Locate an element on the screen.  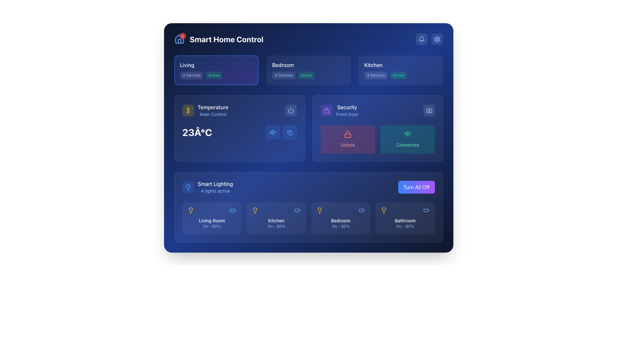
the status tag indicating '4 Devices' and 'Active' in the Living card section, located in the top-left corner of the interface is located at coordinates (216, 75).